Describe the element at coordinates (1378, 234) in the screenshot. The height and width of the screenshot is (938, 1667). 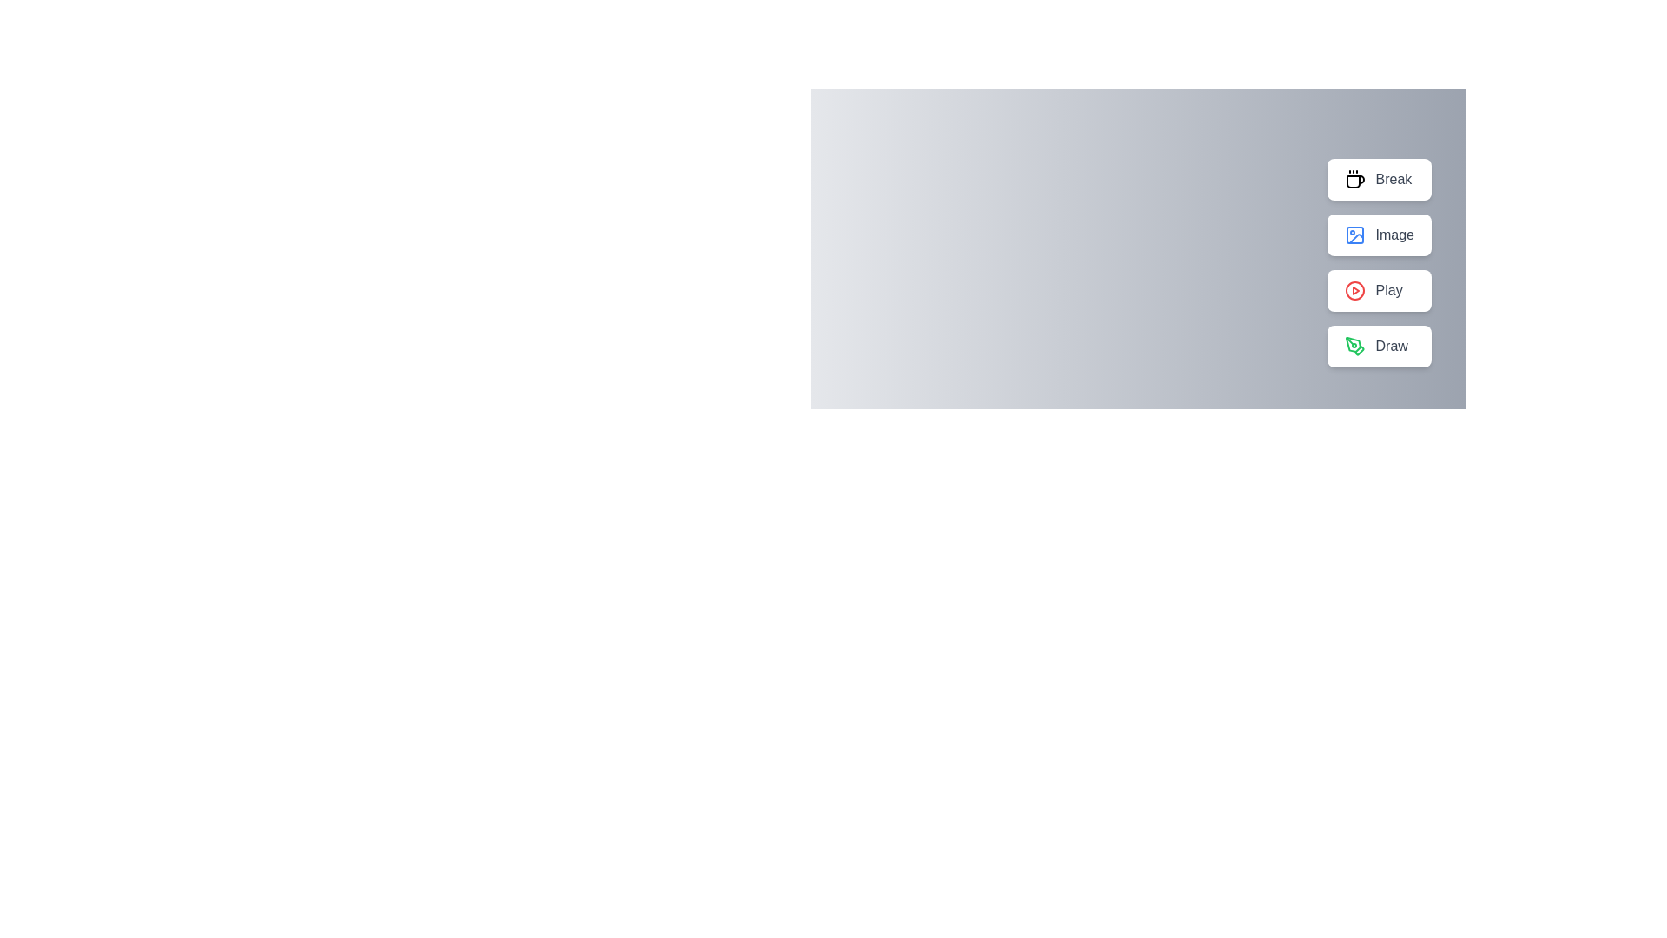
I see `the action button labeled Image to observe hover effects` at that location.